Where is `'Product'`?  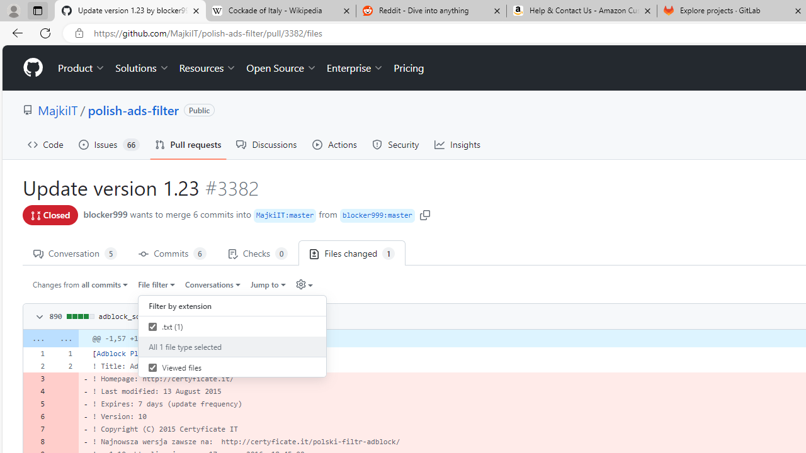
'Product' is located at coordinates (81, 68).